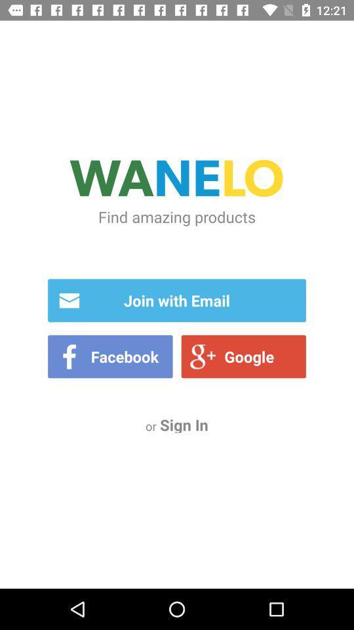 This screenshot has height=630, width=354. What do you see at coordinates (177, 180) in the screenshot?
I see `item above find amazing products icon` at bounding box center [177, 180].